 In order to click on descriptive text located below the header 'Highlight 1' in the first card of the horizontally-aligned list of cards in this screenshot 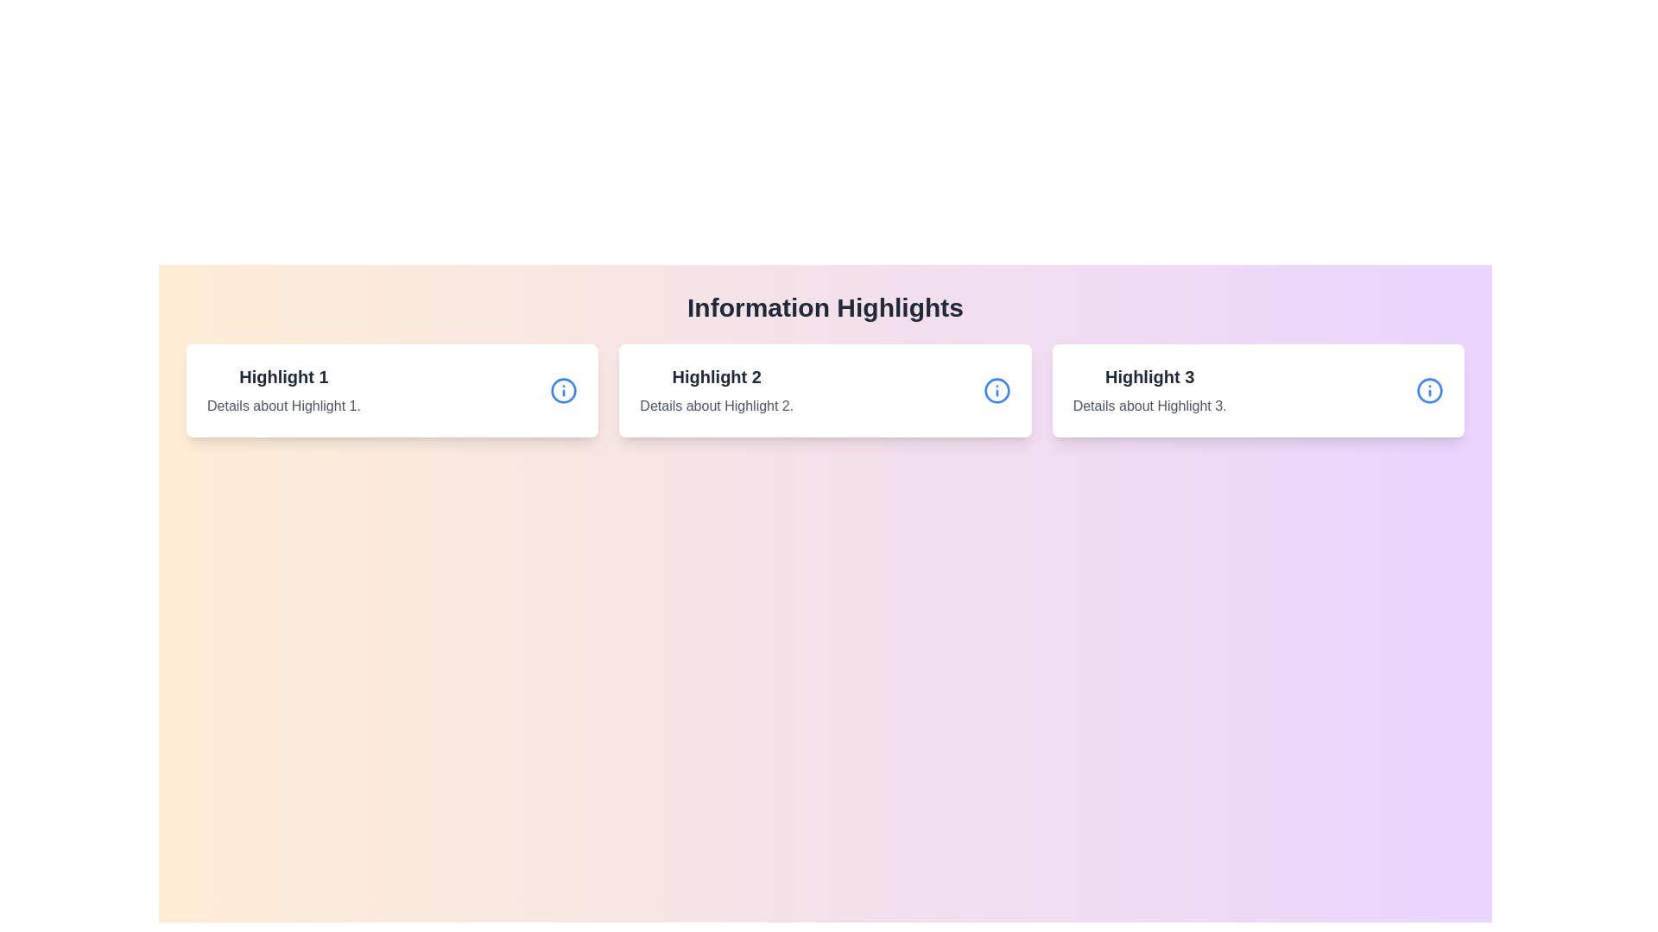, I will do `click(283, 406)`.